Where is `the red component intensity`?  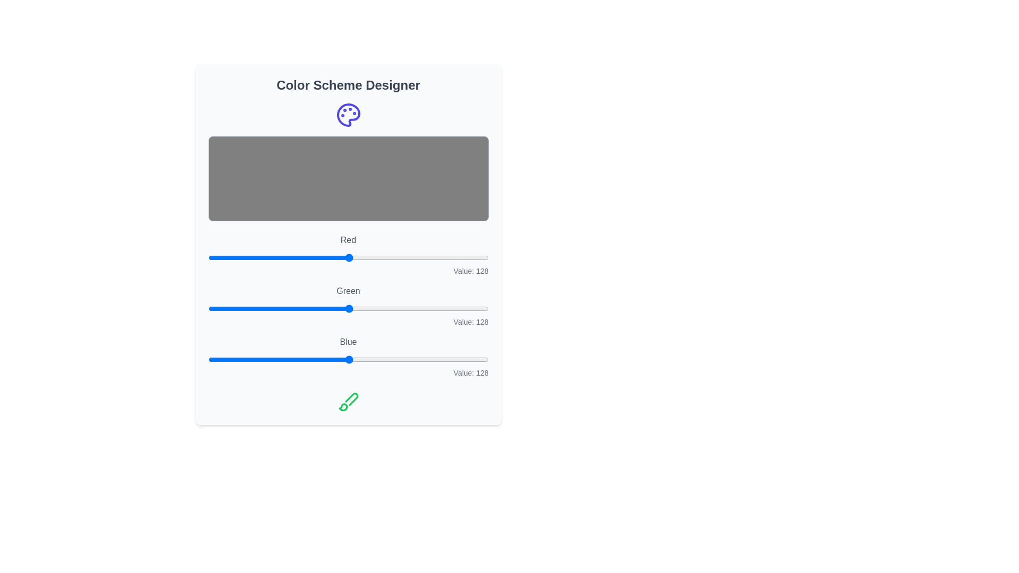 the red component intensity is located at coordinates (221, 258).